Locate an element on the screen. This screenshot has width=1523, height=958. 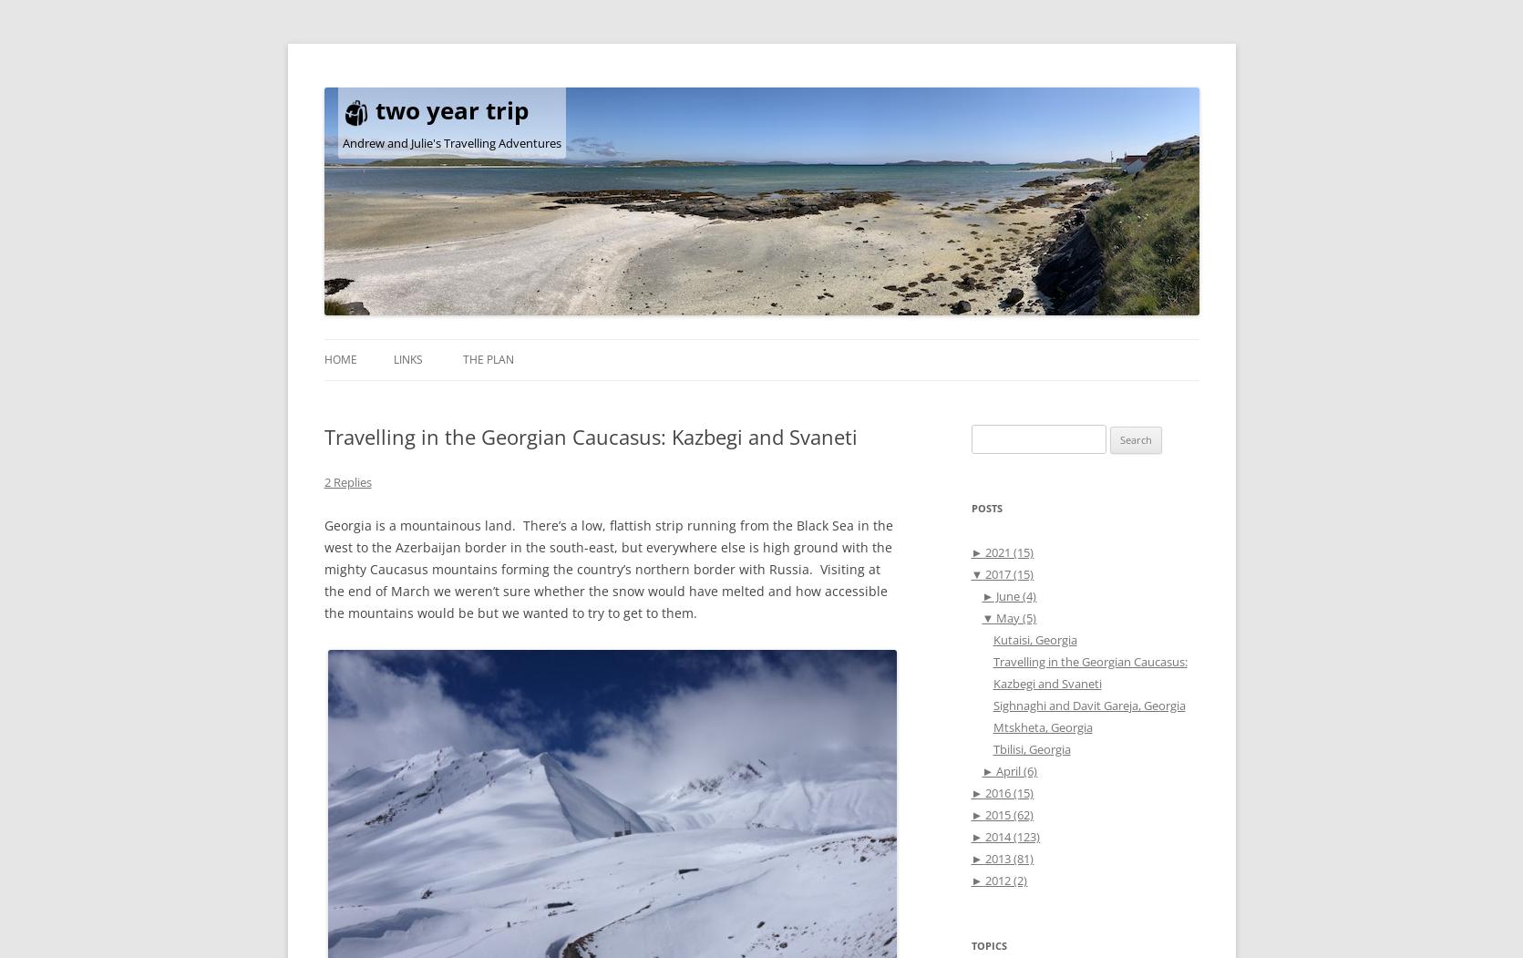
'Mtskheta, Georgia' is located at coordinates (1042, 726).